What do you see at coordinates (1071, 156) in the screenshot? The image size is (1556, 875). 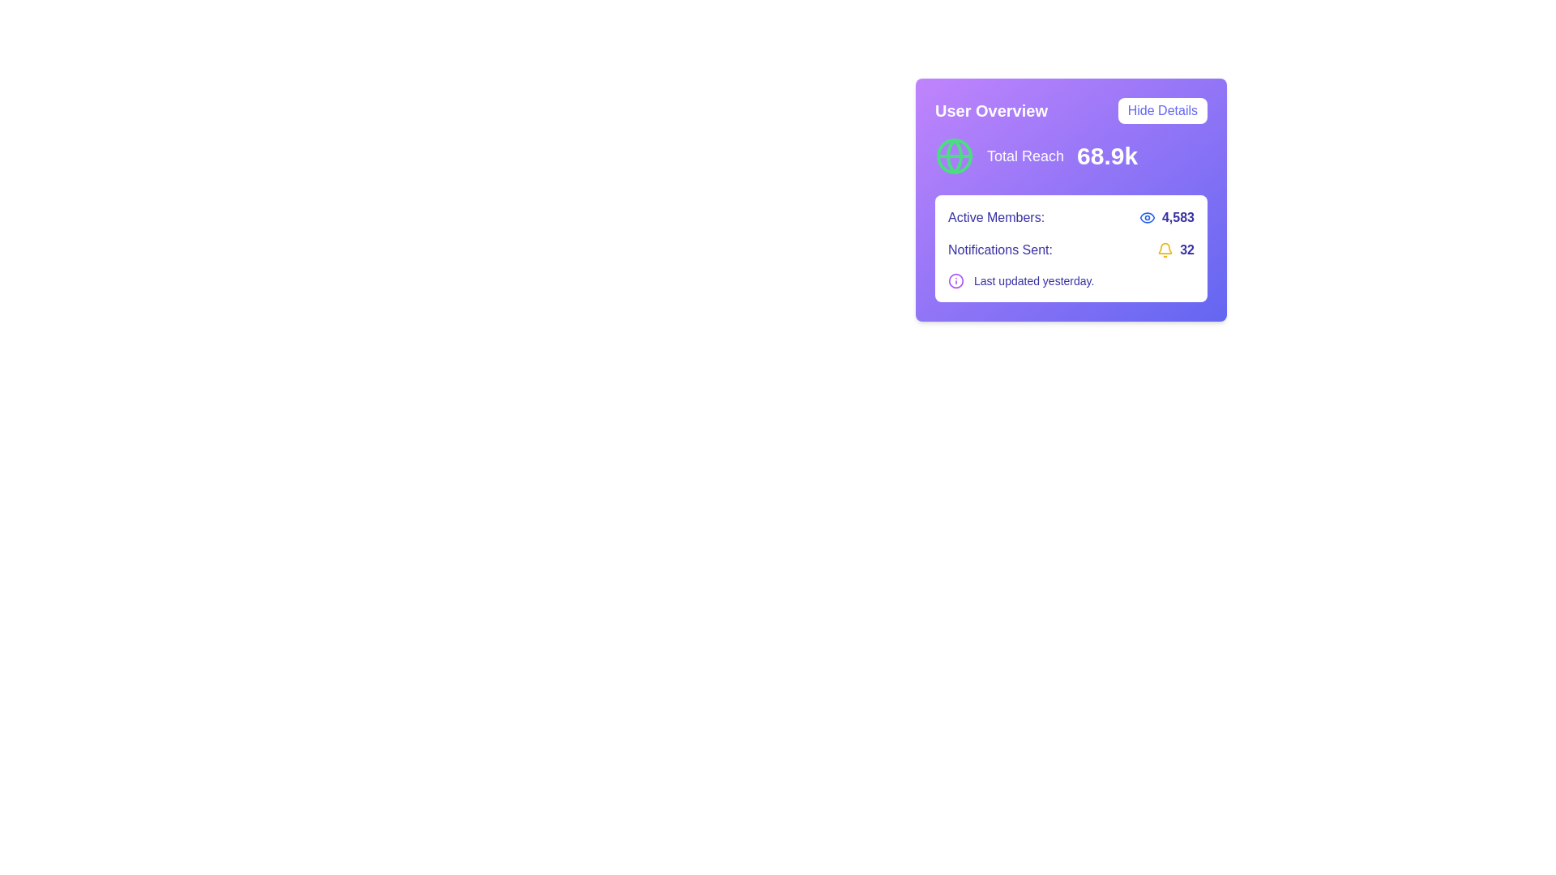 I see `the Informational display containing a green globe icon and the text 'Total Reach' with the figure '68.9k' in bold, located below the 'User Overview' heading` at bounding box center [1071, 156].